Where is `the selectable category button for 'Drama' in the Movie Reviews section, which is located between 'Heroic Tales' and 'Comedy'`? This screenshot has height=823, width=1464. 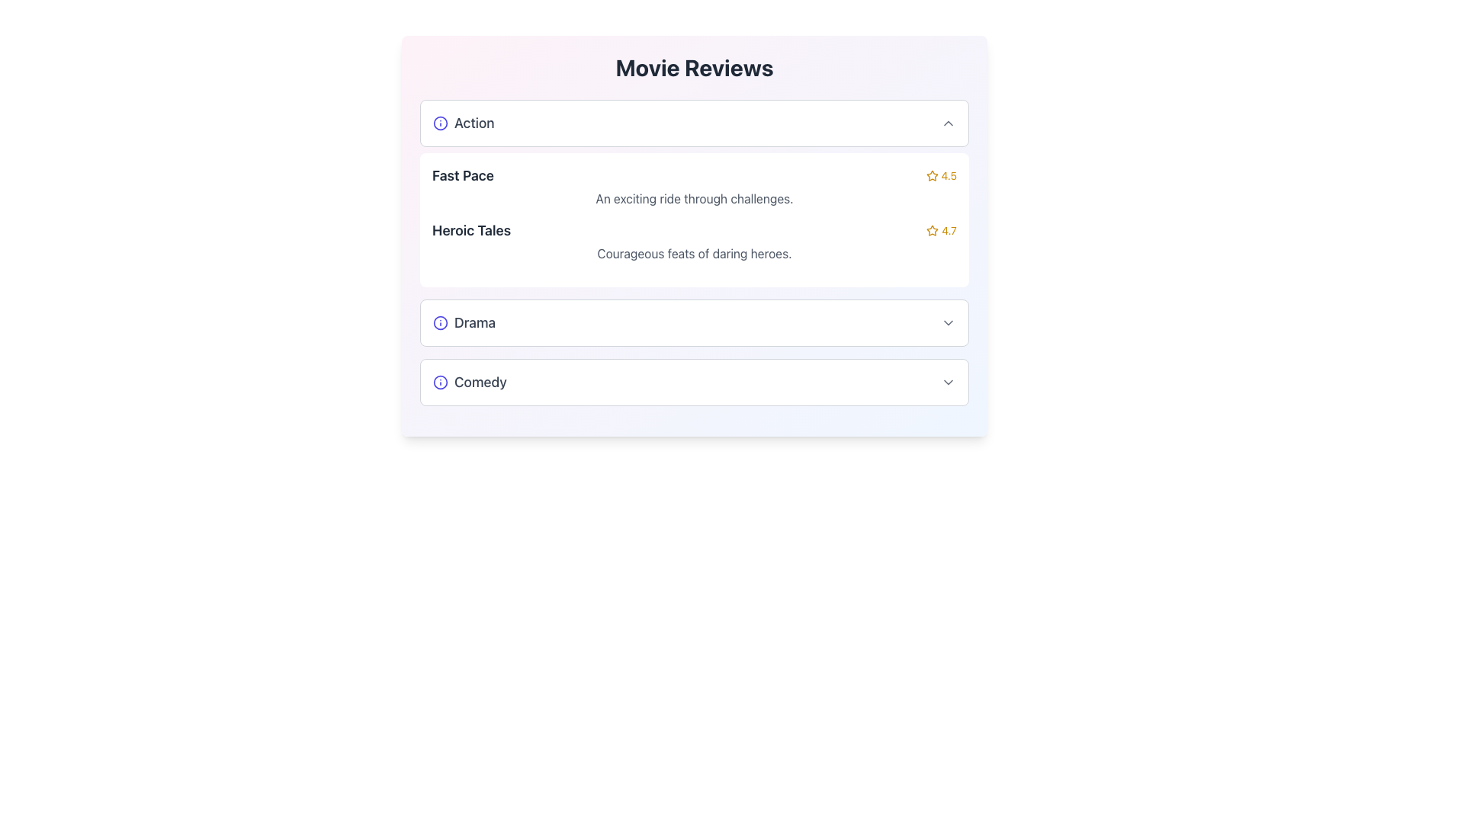 the selectable category button for 'Drama' in the Movie Reviews section, which is located between 'Heroic Tales' and 'Comedy' is located at coordinates (694, 322).